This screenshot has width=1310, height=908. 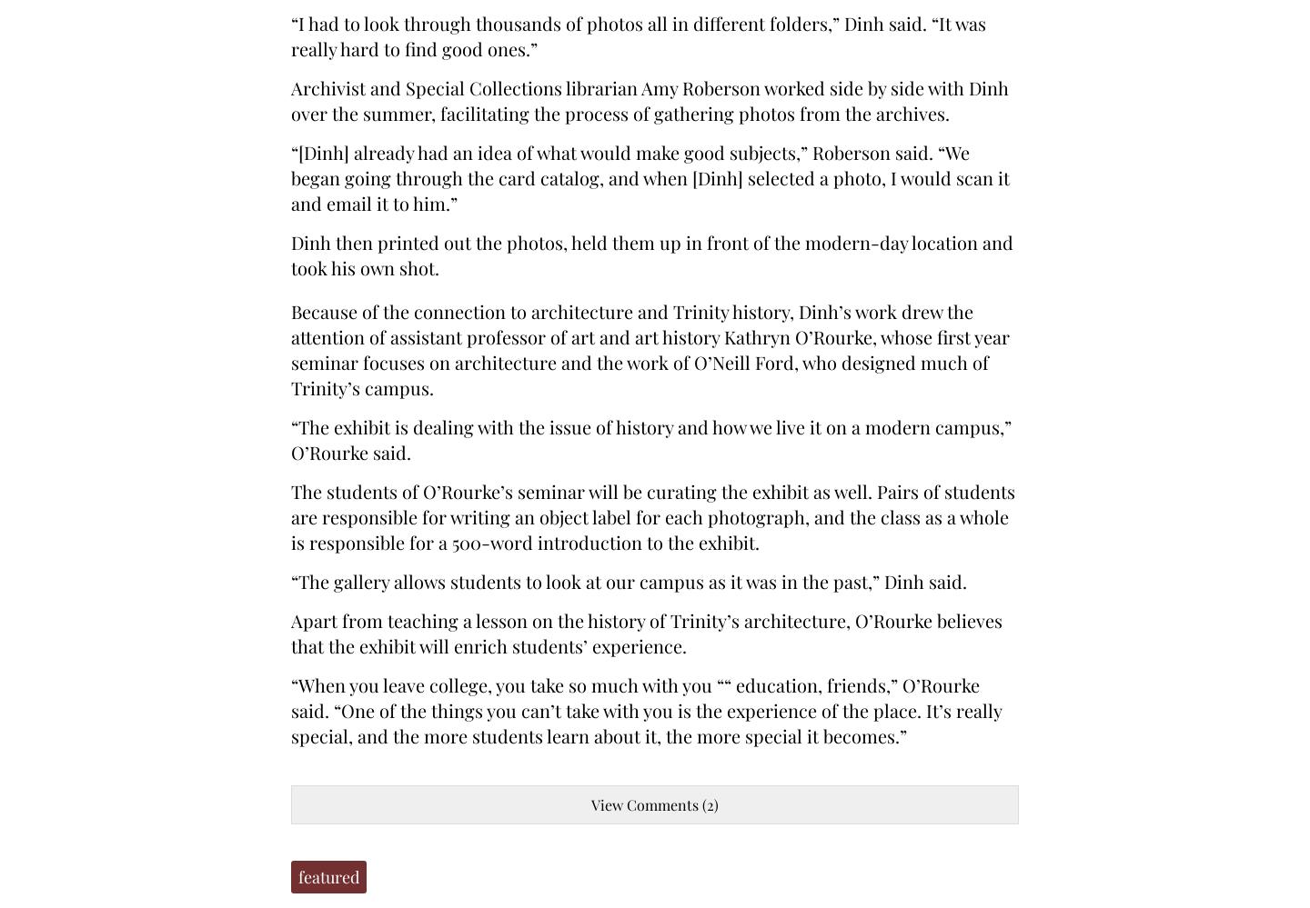 I want to click on 'The students of O’Rourke’s seminar will be curating the exhibit as well. Pairs of students are responsible for writing an object label for each photograph, and the class as a whole is responsible for a 500-word introduction to the exhibit.', so click(x=290, y=516).